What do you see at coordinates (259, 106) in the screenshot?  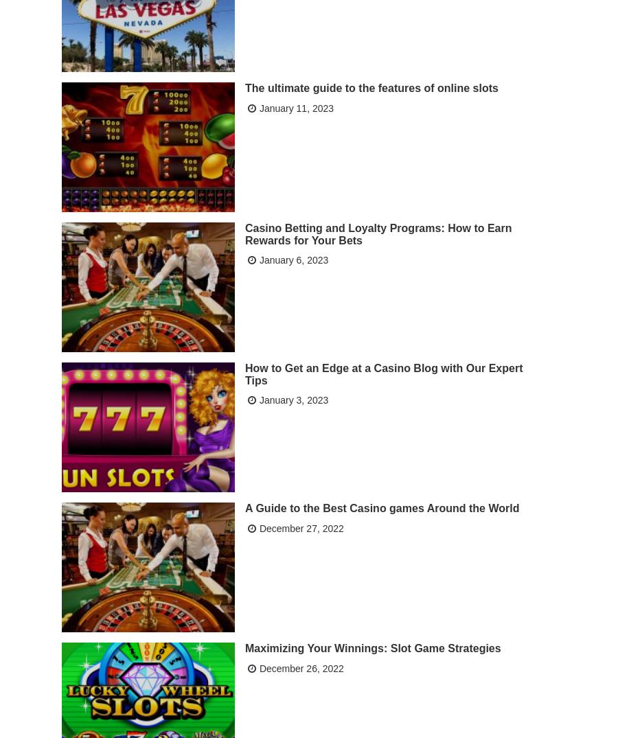 I see `'January 11, 2023'` at bounding box center [259, 106].